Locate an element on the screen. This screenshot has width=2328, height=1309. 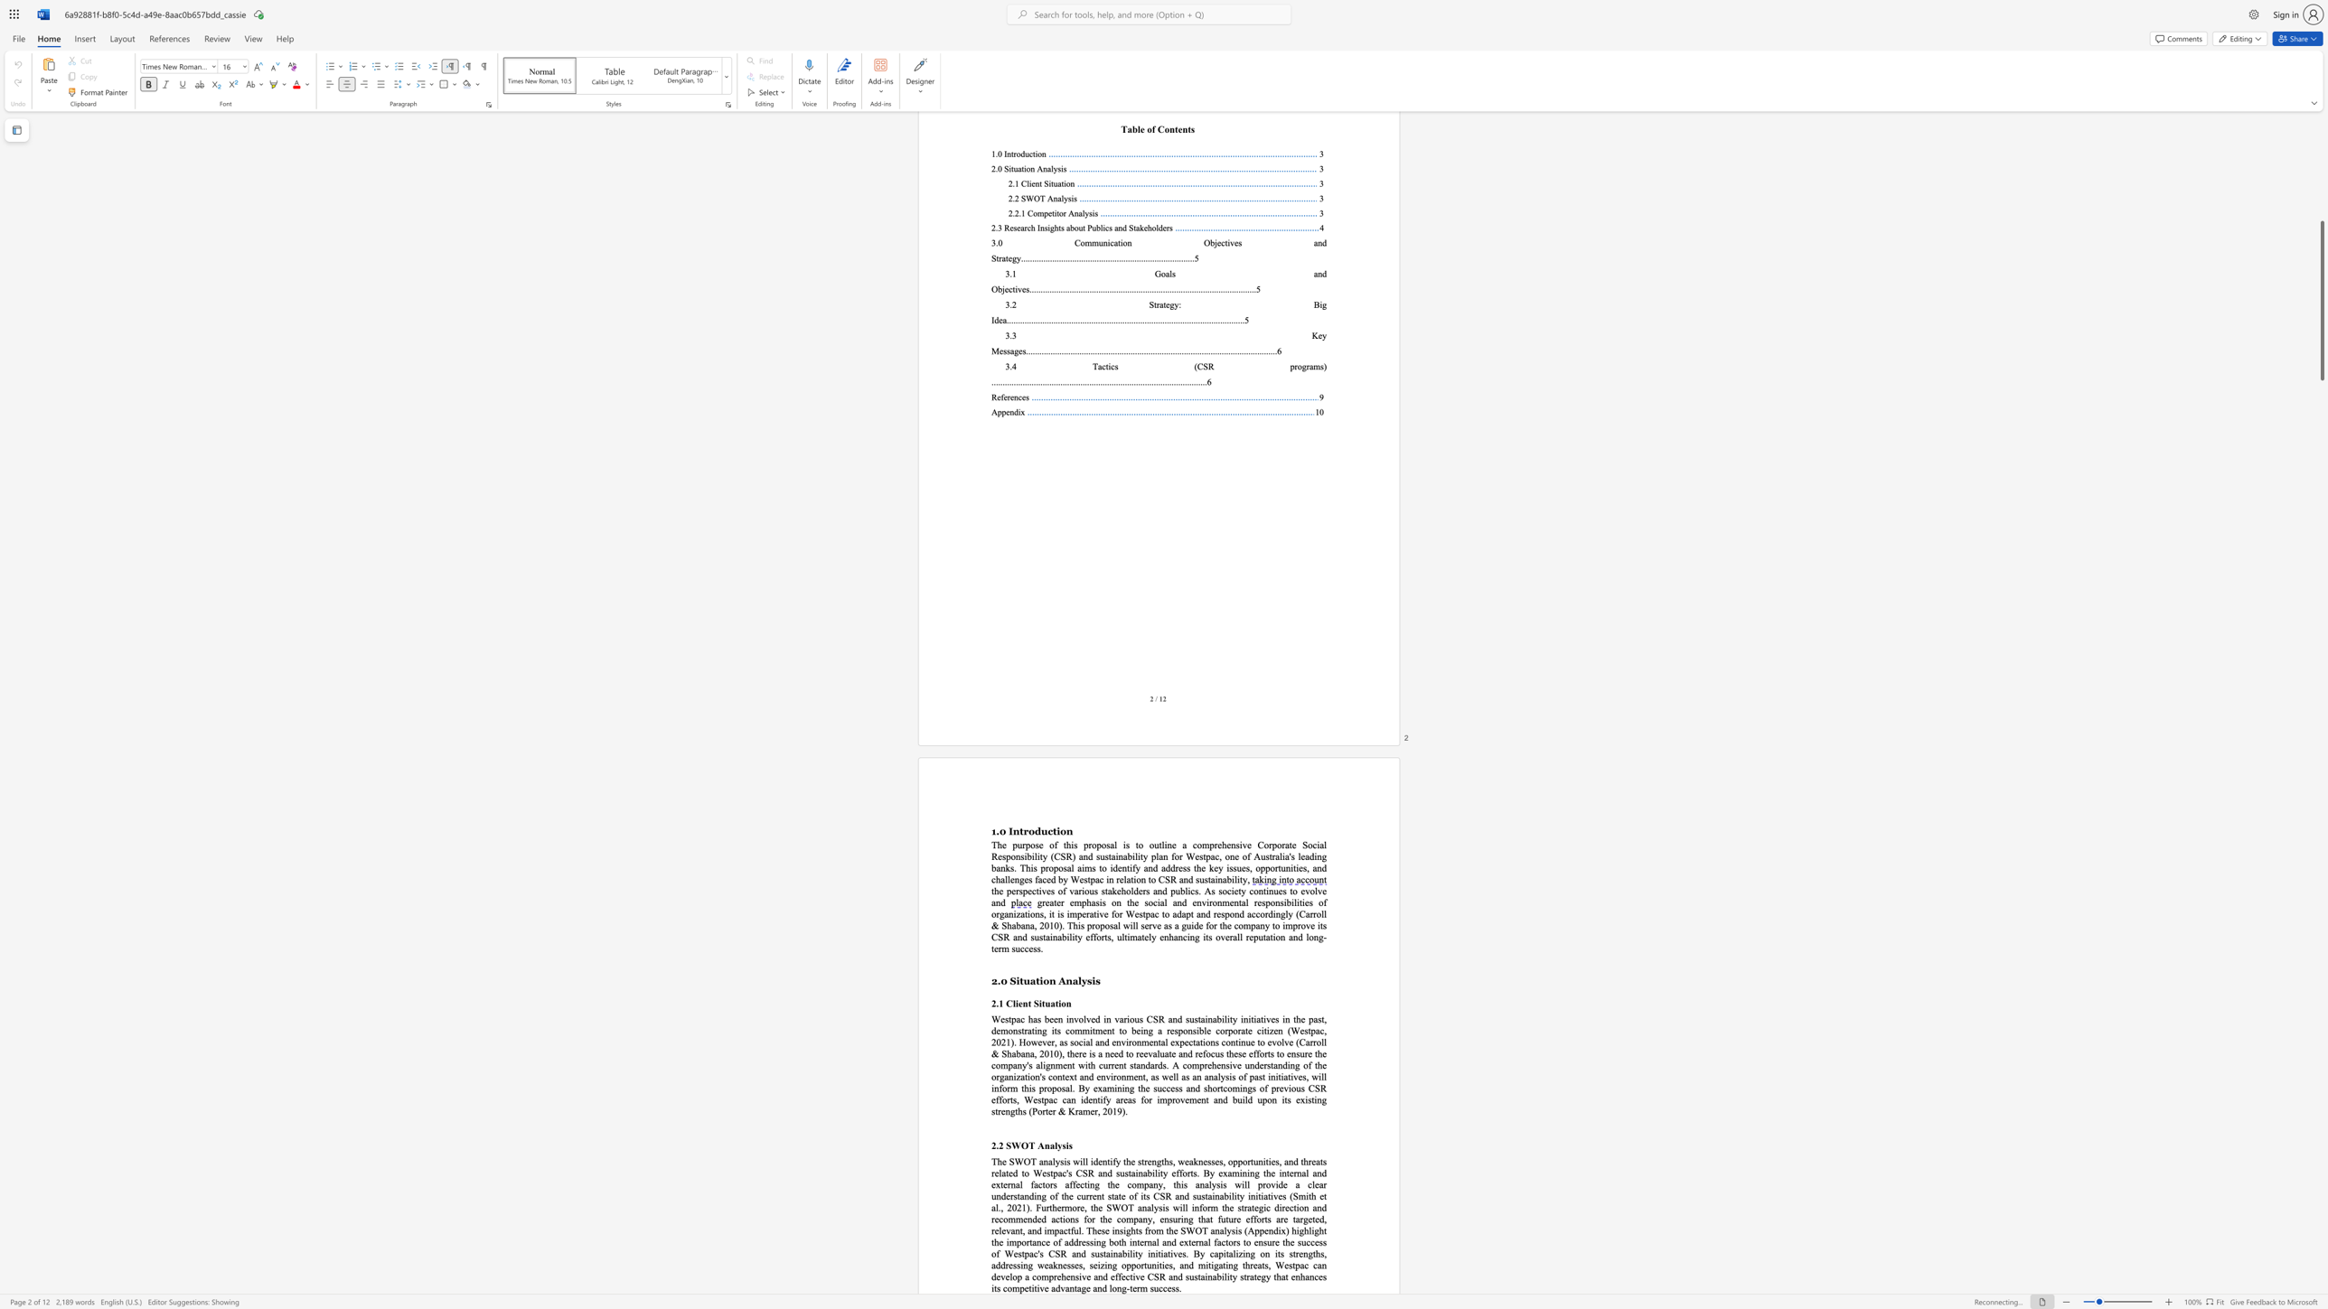
the 44th character "e" in the text is located at coordinates (1003, 1229).